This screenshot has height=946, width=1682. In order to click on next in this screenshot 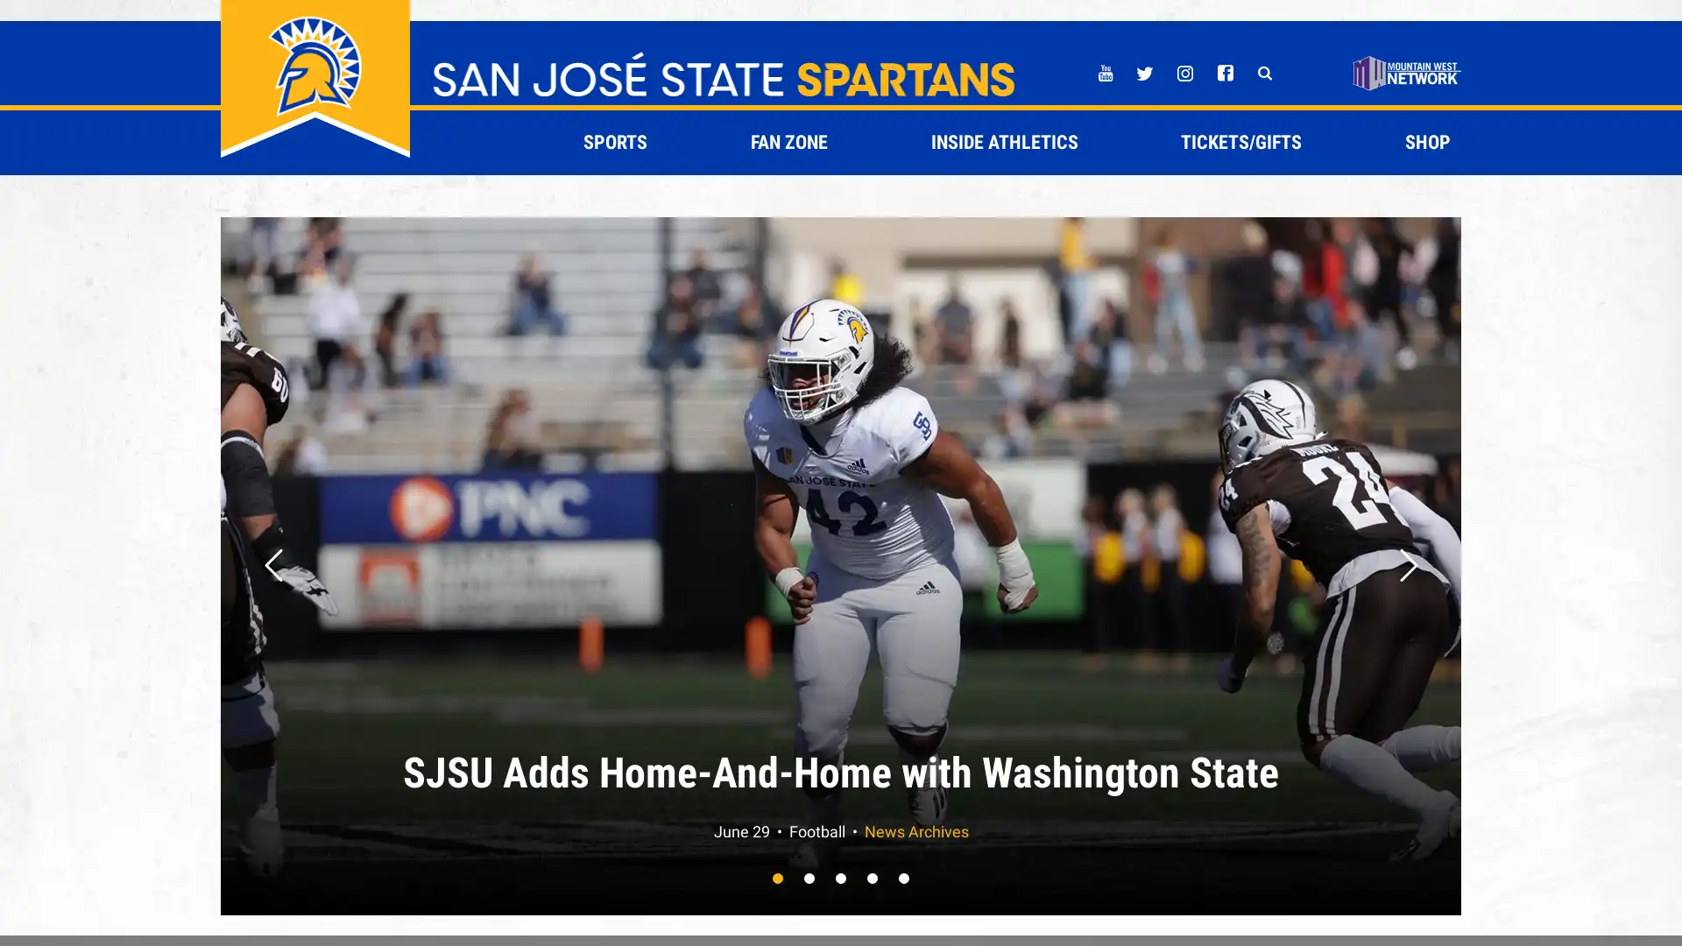, I will do `click(1409, 565)`.